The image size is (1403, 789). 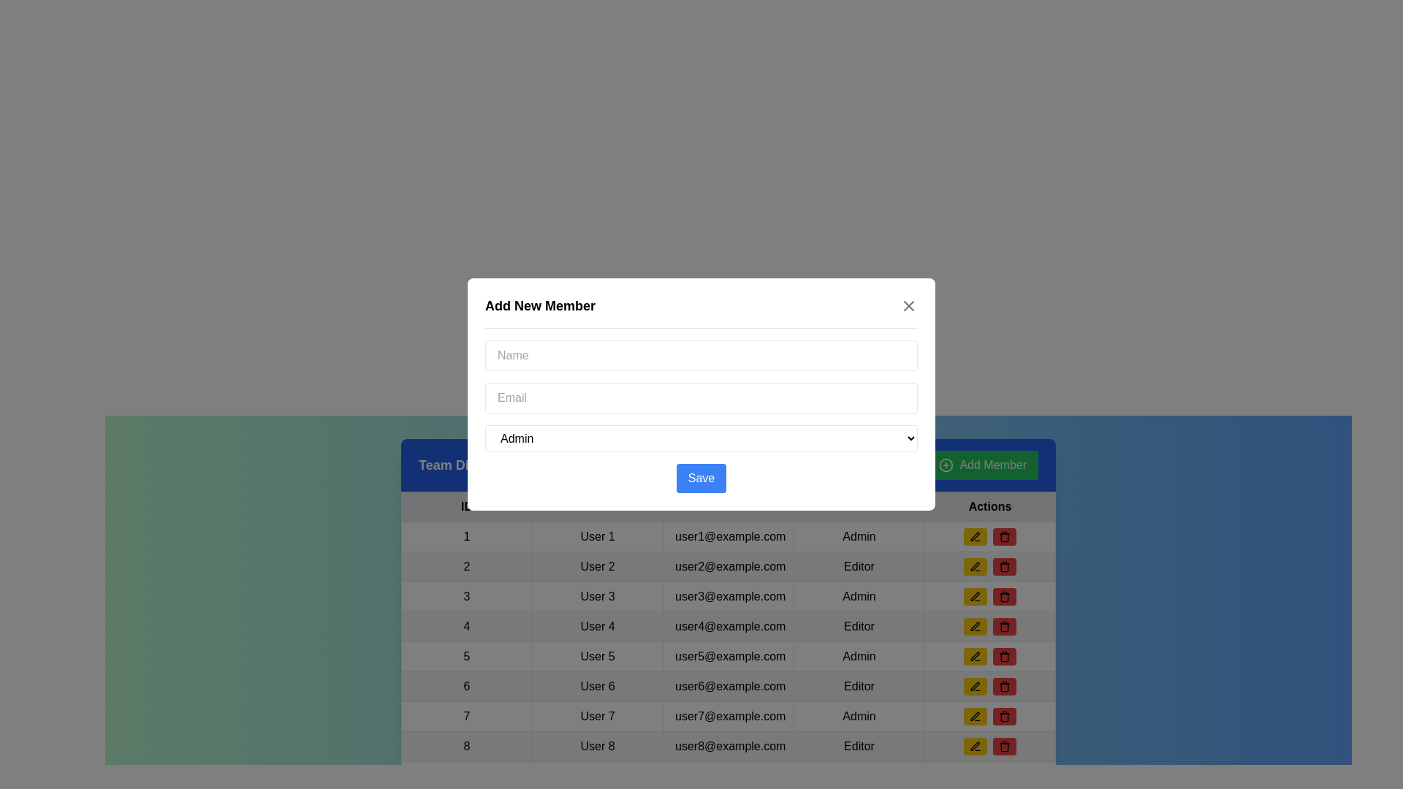 What do you see at coordinates (729, 625) in the screenshot?
I see `the fourth row of the table containing details about 'User 4', which includes an edit button and a delete button` at bounding box center [729, 625].